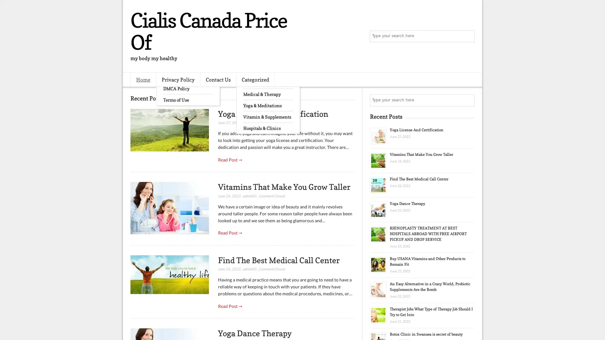 This screenshot has height=340, width=605. Describe the element at coordinates (468, 36) in the screenshot. I see `Search` at that location.